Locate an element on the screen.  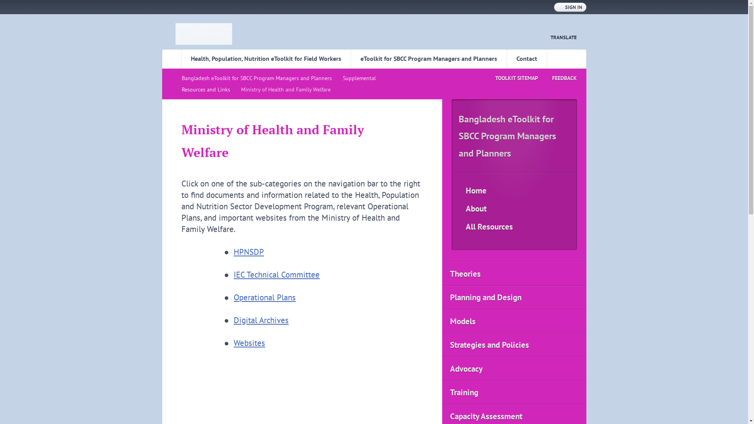
'Digital Archives' is located at coordinates (261, 320).